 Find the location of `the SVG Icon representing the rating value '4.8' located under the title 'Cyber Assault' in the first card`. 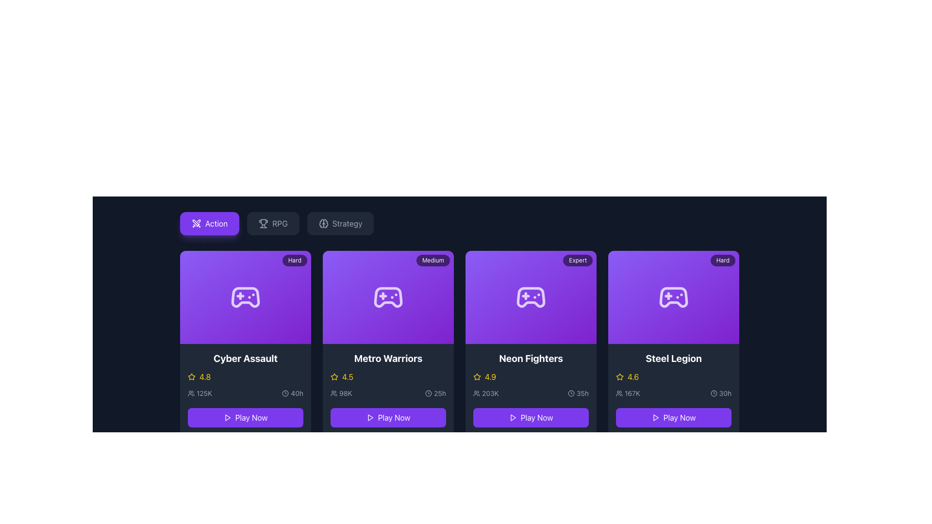

the SVG Icon representing the rating value '4.8' located under the title 'Cyber Assault' in the first card is located at coordinates (334, 376).